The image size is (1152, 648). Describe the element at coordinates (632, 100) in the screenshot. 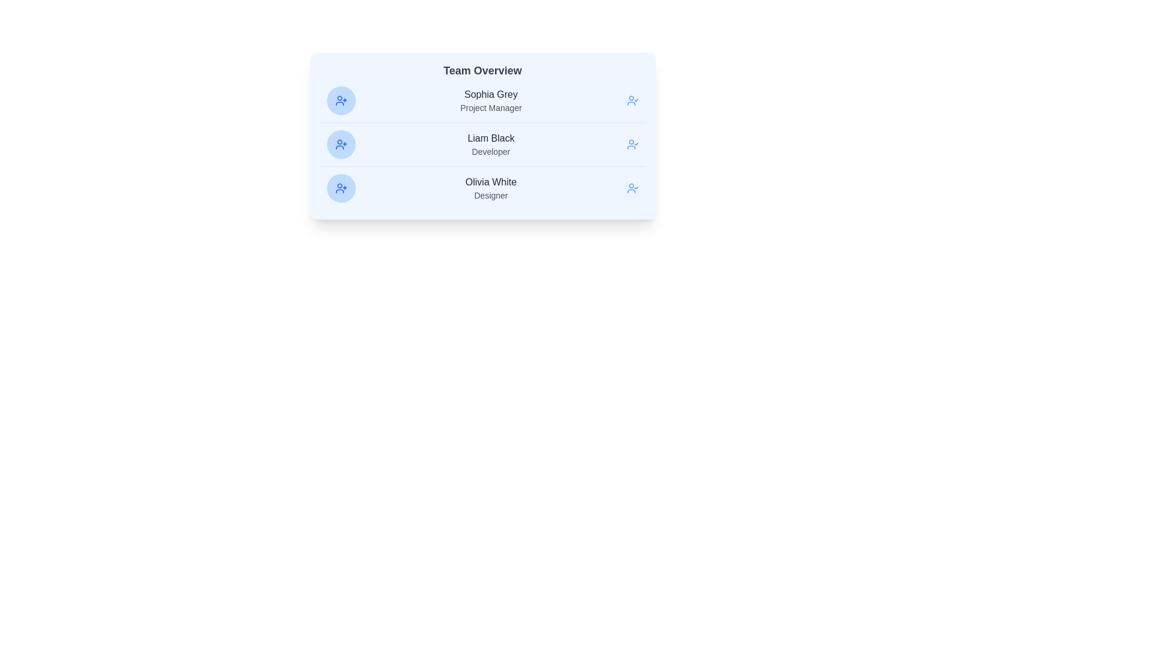

I see `the action icon located on the far right of the interface, aligned with the text 'Sophia Grey' and 'Project Manager'` at that location.